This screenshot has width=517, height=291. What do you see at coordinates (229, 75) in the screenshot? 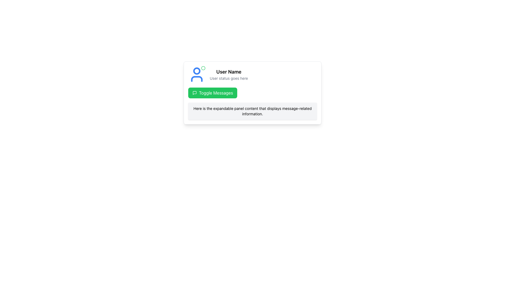
I see `text displayed in the Text display block showing 'User Name' and 'User status goes here', which is located right of the circular profile icon and above the green 'Toggle Messages' button` at bounding box center [229, 75].